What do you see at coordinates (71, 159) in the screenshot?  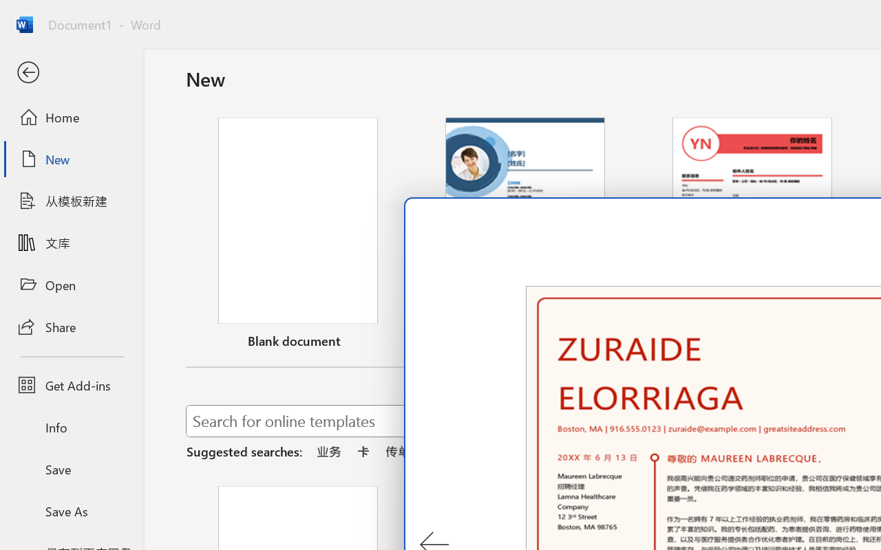 I see `'New'` at bounding box center [71, 159].